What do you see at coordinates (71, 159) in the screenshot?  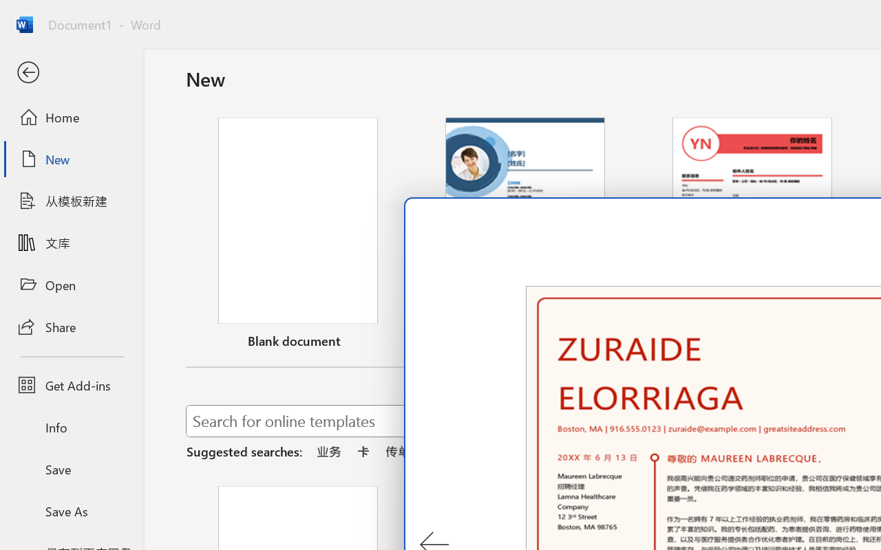 I see `'New'` at bounding box center [71, 159].